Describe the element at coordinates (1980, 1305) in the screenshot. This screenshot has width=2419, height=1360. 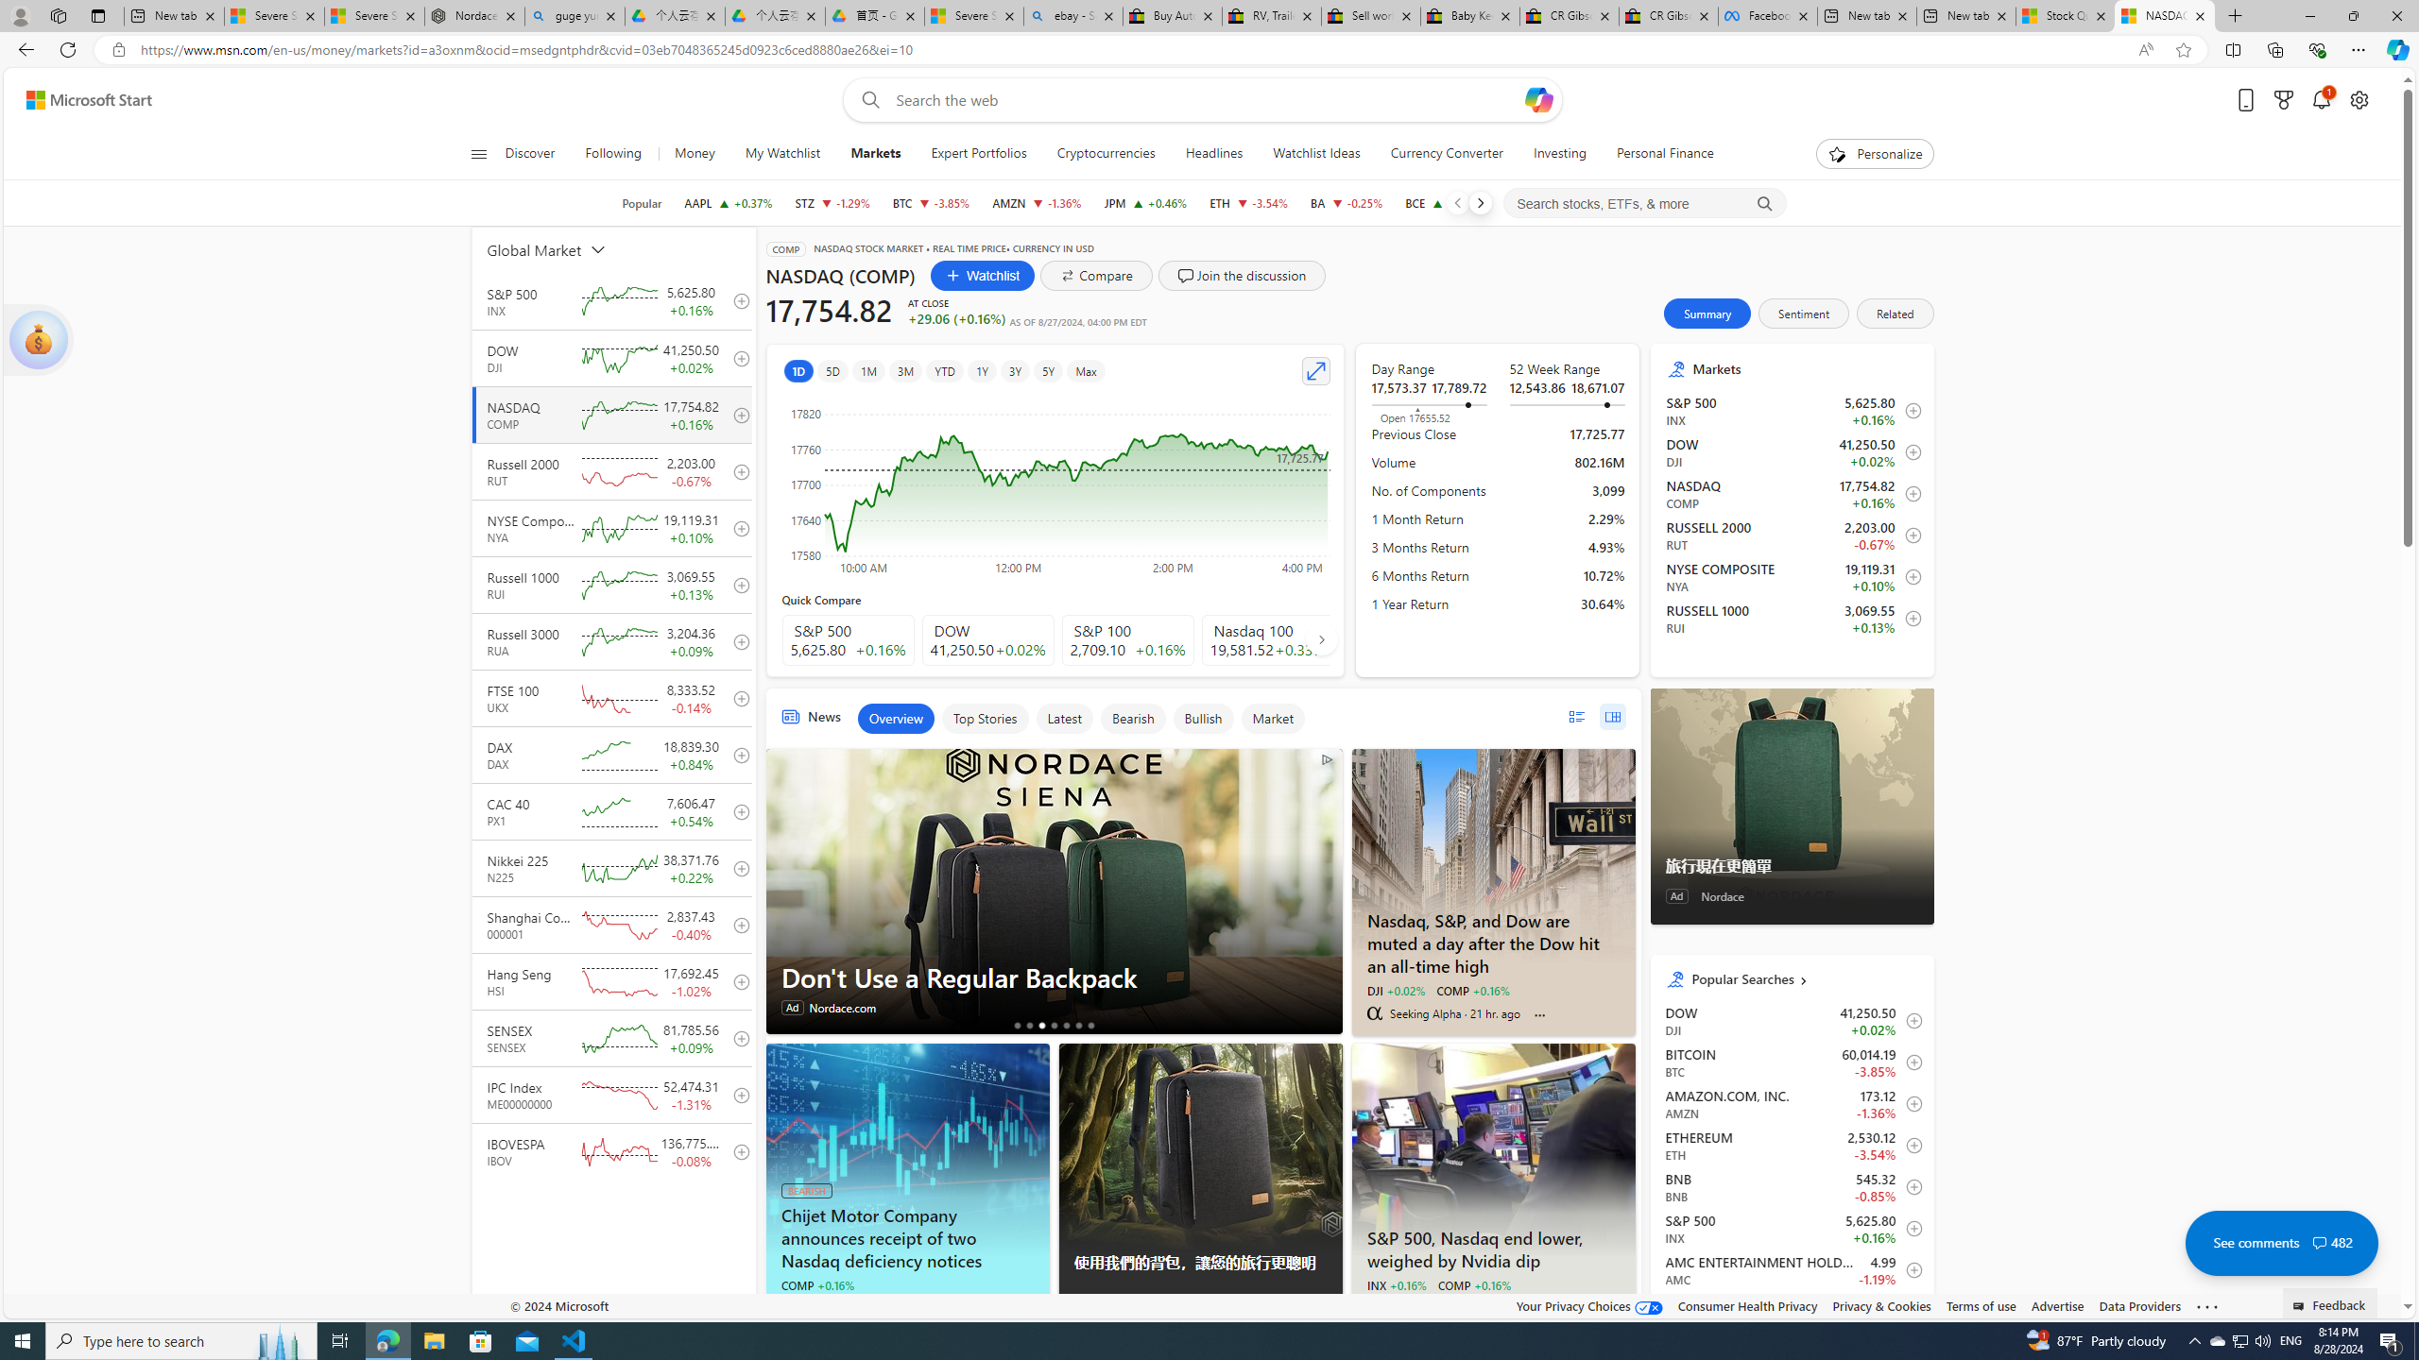
I see `'Terms of use'` at that location.